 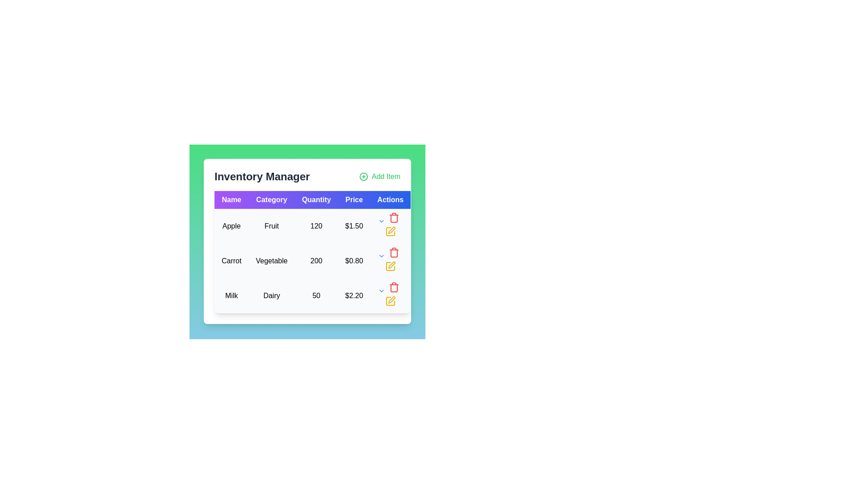 I want to click on label text from the Table Header Cell labeled 'Category', which is the second cell in the header row of the table with a purple background and white bold font, so click(x=271, y=199).